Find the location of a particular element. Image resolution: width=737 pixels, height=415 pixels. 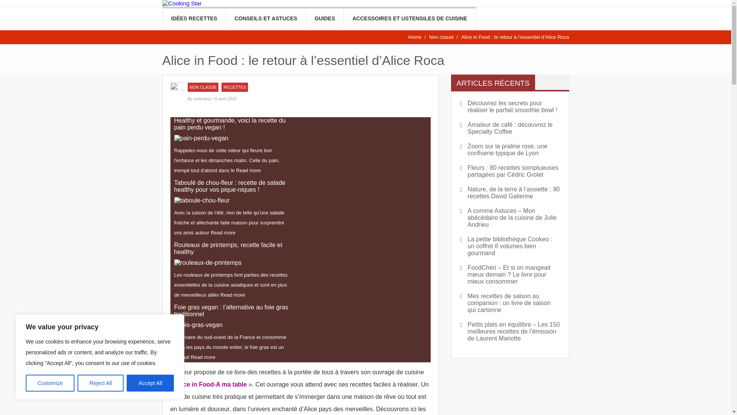

'CONSEILS ET ASTUCES' is located at coordinates (226, 18).